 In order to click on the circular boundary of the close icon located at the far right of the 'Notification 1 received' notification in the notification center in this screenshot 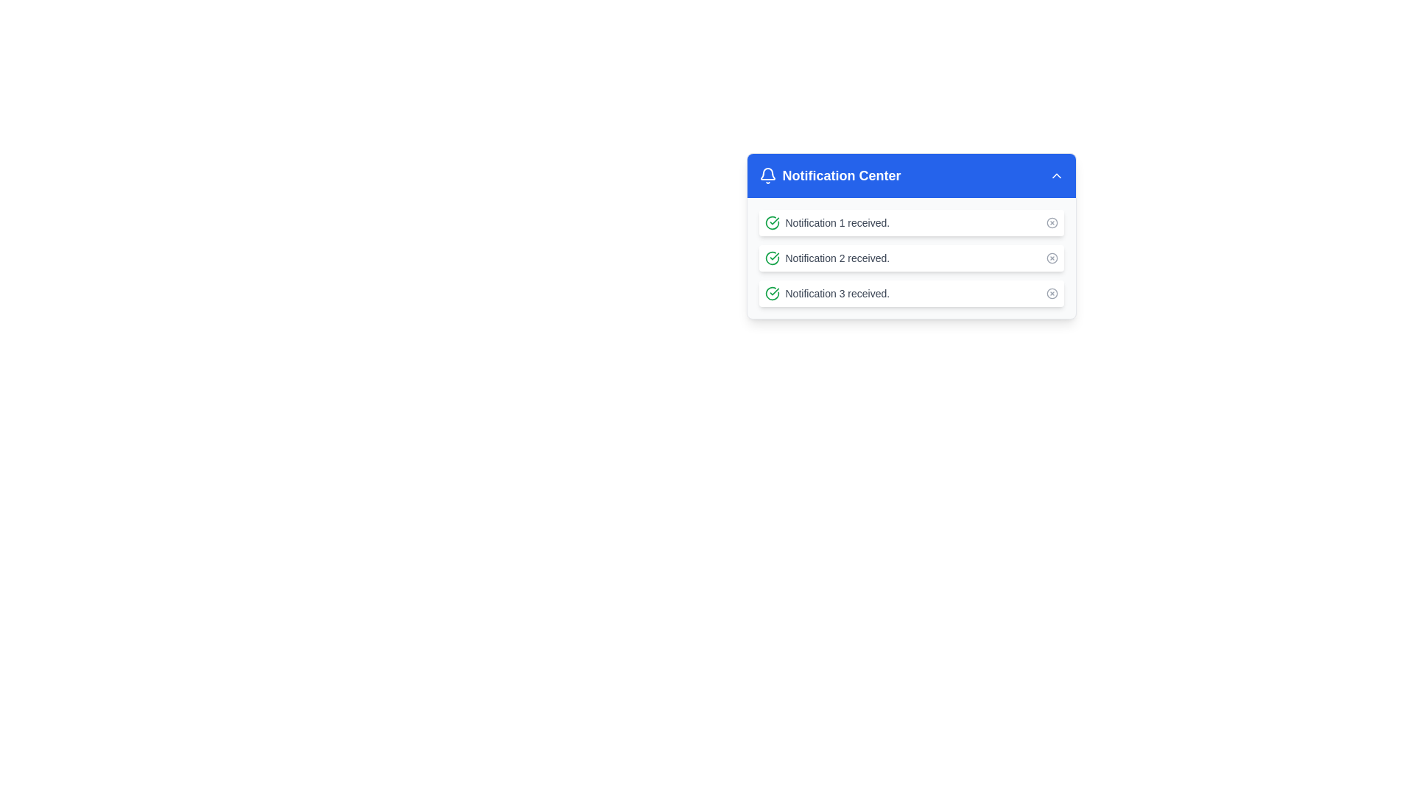, I will do `click(1051, 223)`.